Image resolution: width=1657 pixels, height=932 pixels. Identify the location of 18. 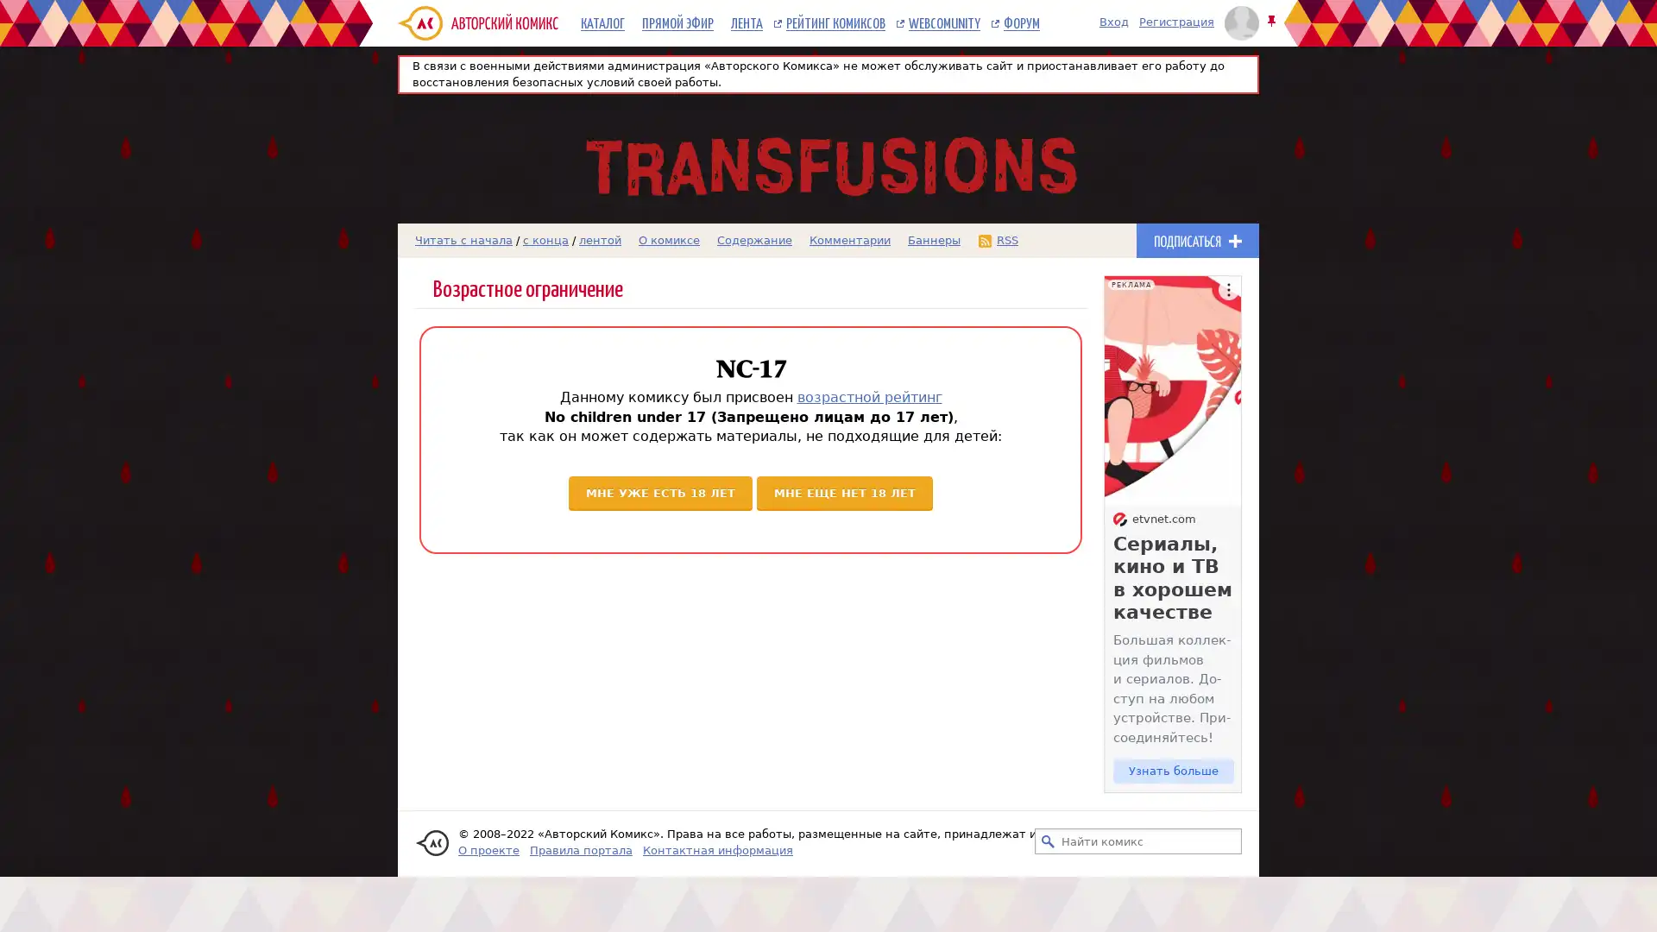
(659, 492).